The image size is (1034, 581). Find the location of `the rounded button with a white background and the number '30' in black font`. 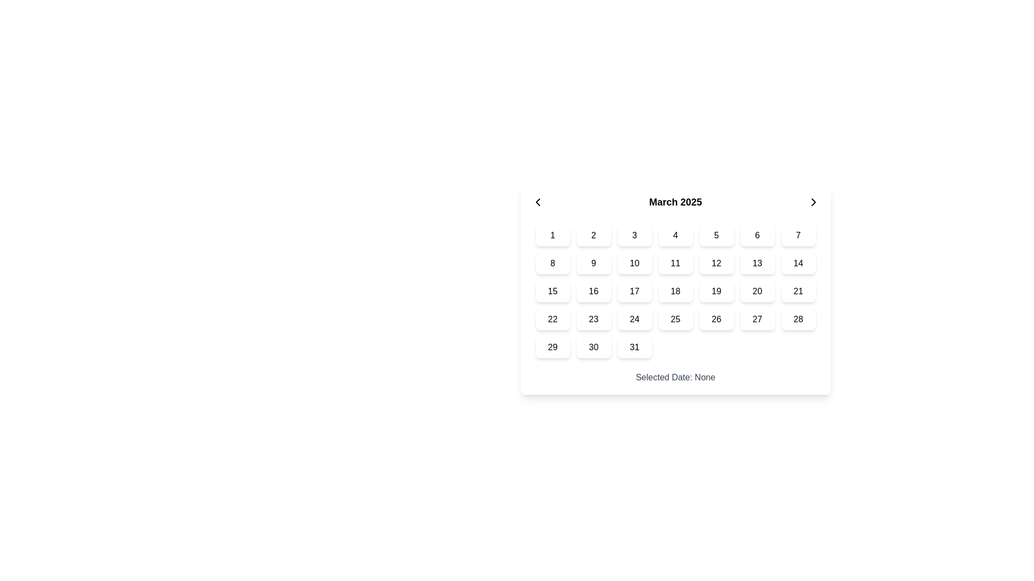

the rounded button with a white background and the number '30' in black font is located at coordinates (593, 347).